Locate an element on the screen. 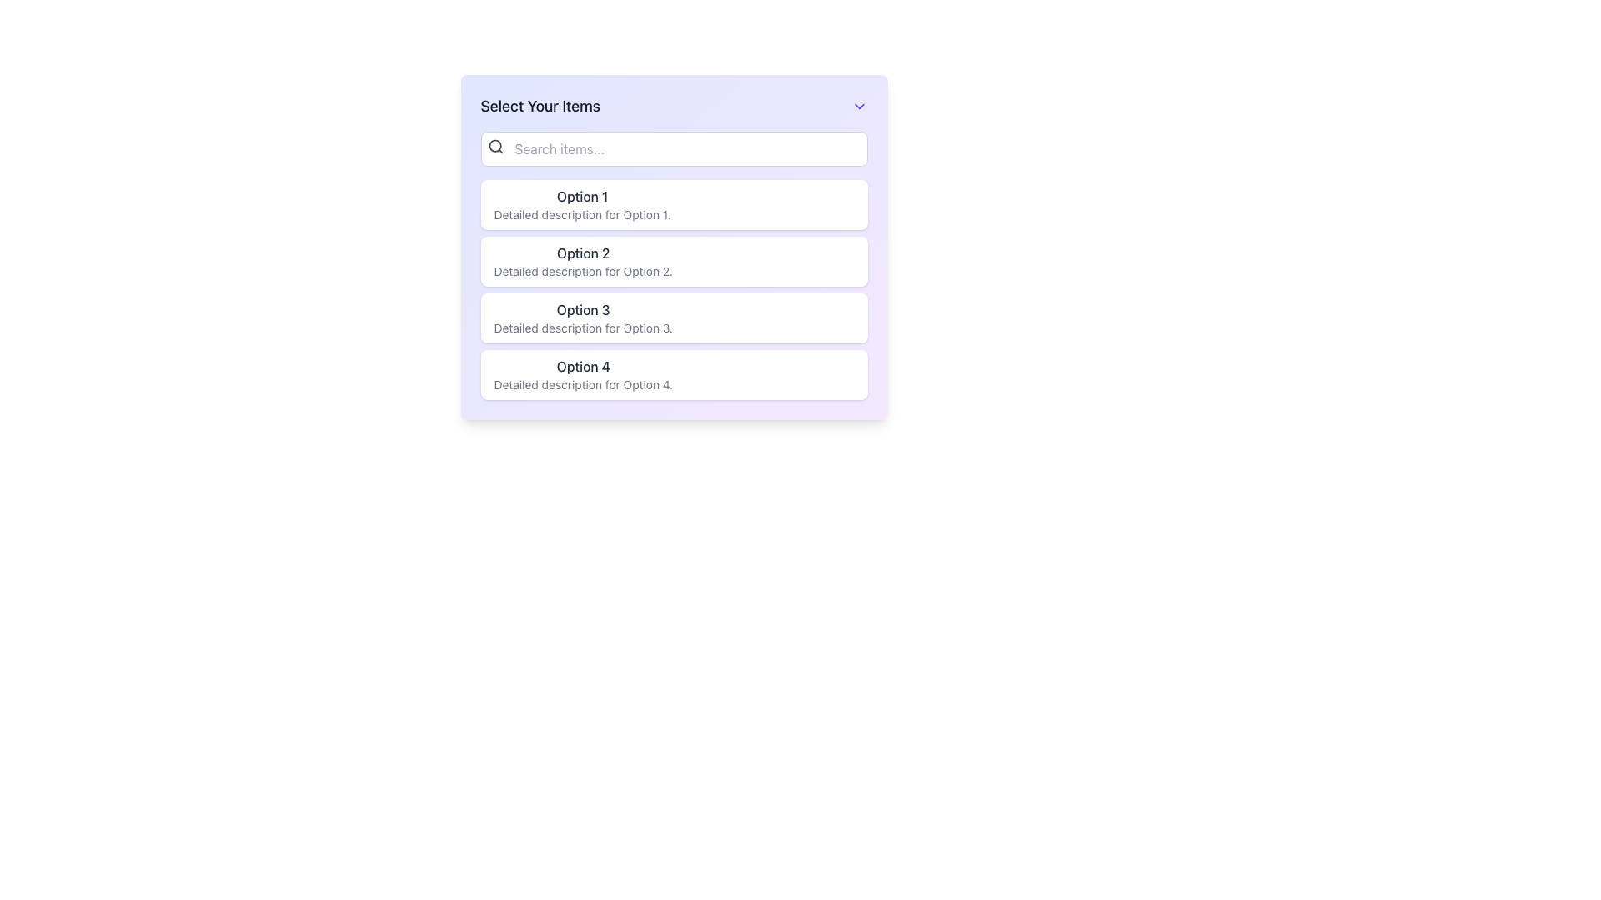 The height and width of the screenshot is (900, 1601). the text snippet that reads 'Detailed description for Option 2', which is styled in a small gray font and positioned below the main title of 'Option 2' is located at coordinates (583, 271).